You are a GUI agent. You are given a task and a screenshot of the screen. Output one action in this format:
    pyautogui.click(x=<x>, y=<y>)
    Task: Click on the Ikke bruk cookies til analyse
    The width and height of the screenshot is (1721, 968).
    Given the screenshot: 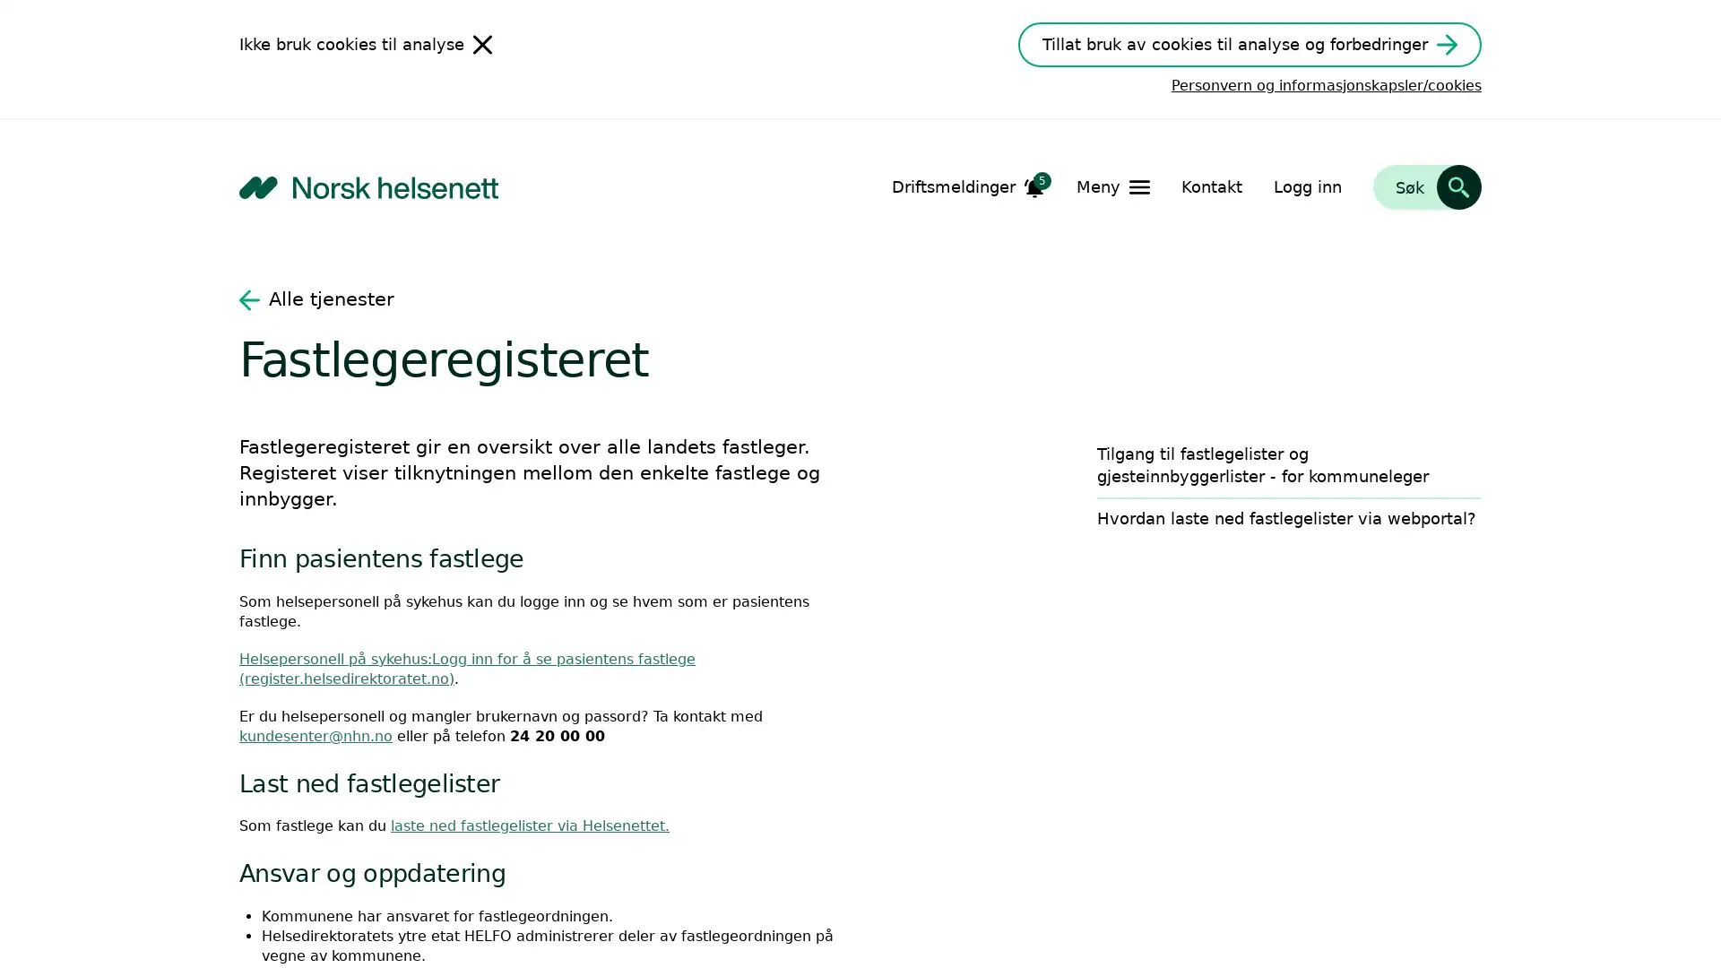 What is the action you would take?
    pyautogui.click(x=365, y=44)
    